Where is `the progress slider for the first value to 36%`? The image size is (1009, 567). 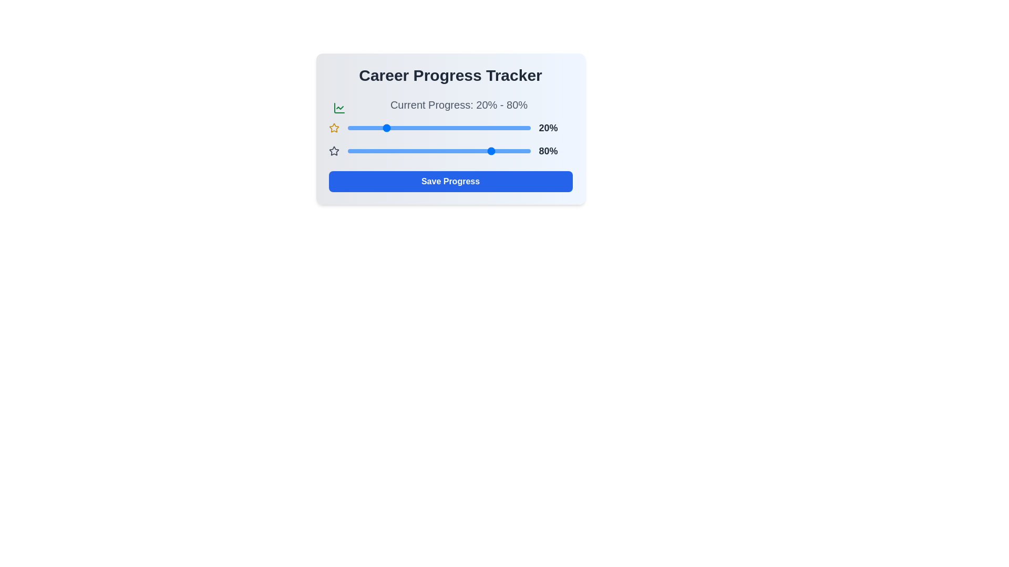
the progress slider for the first value to 36% is located at coordinates (413, 127).